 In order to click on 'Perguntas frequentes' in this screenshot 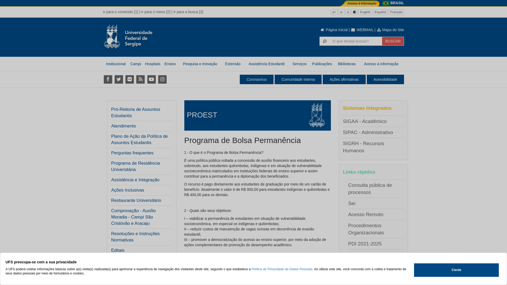, I will do `click(132, 153)`.